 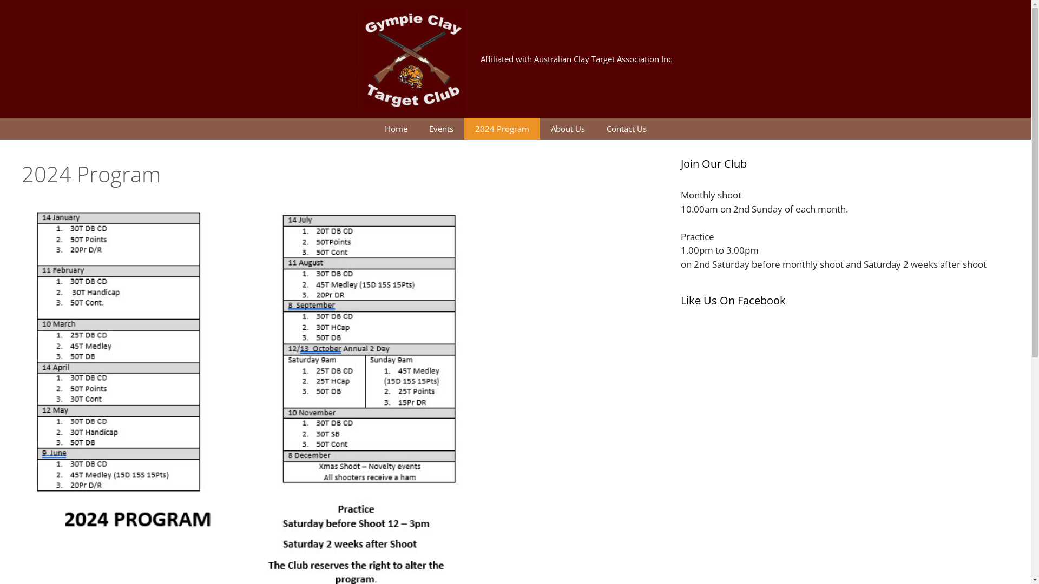 I want to click on 'Contact Us', so click(x=594, y=128).